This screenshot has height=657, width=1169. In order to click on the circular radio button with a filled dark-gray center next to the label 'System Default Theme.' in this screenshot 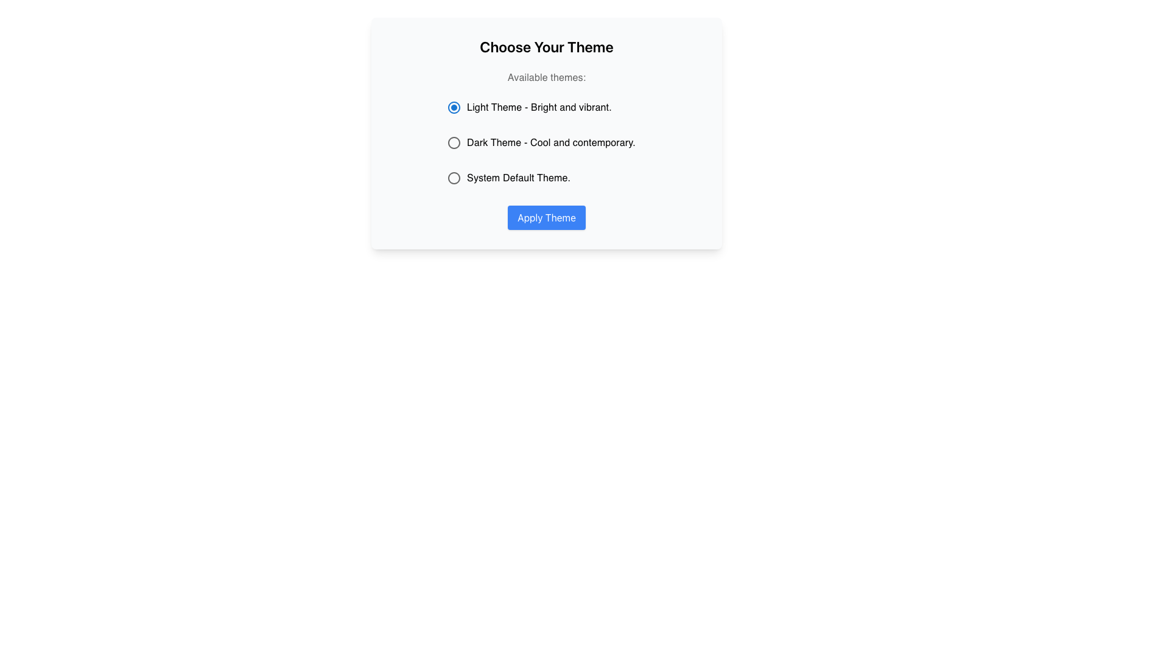, I will do `click(454, 178)`.